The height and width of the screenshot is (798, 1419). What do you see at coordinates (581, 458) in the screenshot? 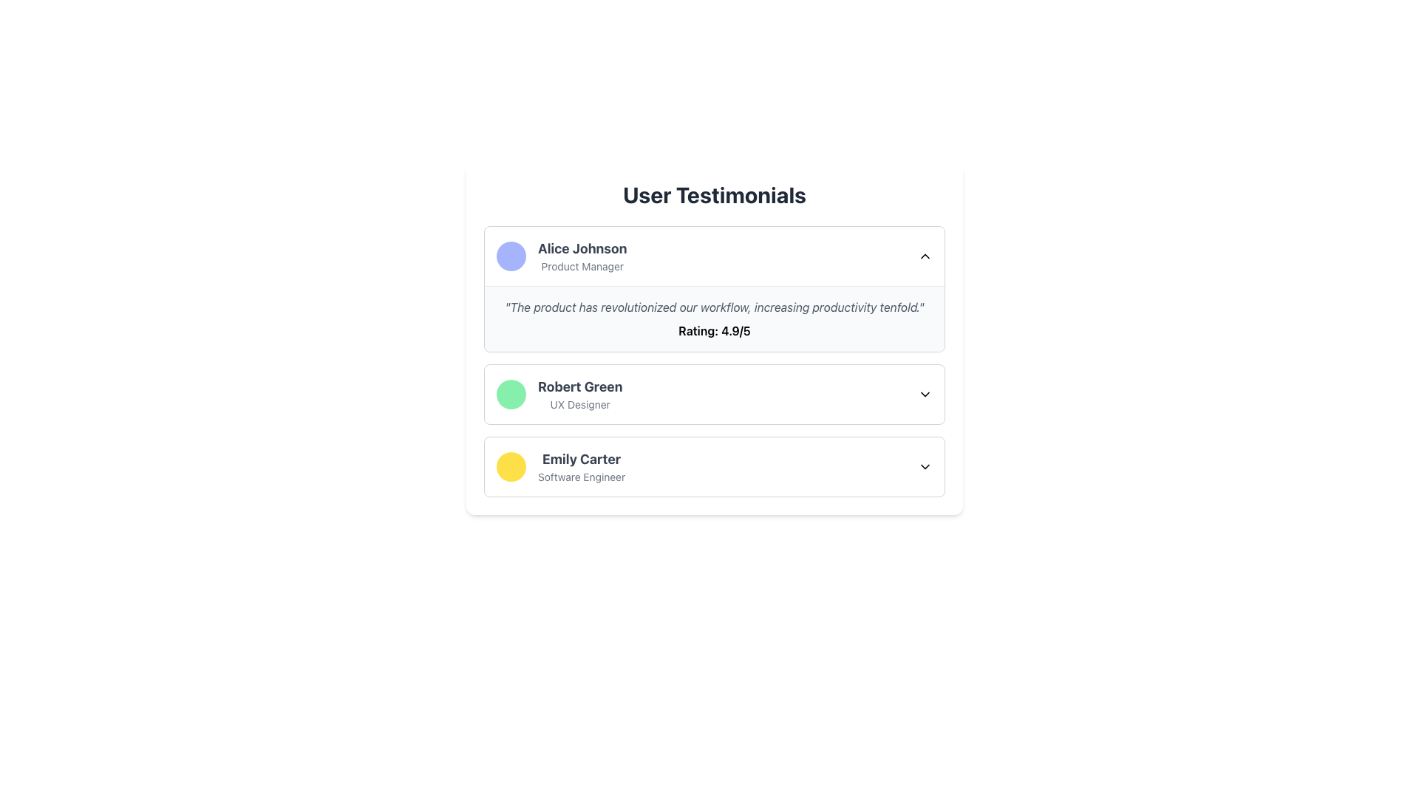
I see `the Text Label displaying 'Emily Carter' which is bold` at bounding box center [581, 458].